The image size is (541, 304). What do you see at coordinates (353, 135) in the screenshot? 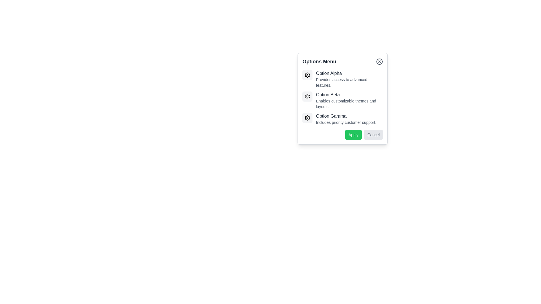
I see `the 'Apply' button located at the bottom right corner of the 'Options Menu' modal dialog box to apply the changes` at bounding box center [353, 135].